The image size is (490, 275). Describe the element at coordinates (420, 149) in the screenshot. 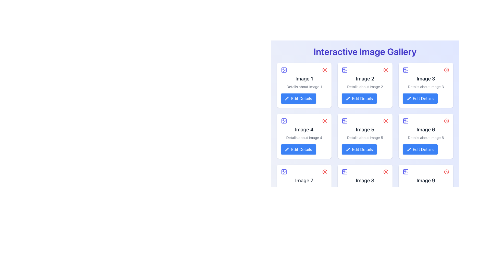

I see `the edit button for 'Image 6'` at that location.